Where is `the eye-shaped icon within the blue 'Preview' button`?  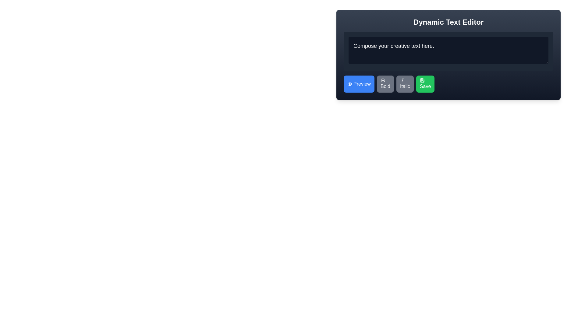 the eye-shaped icon within the blue 'Preview' button is located at coordinates (349, 84).